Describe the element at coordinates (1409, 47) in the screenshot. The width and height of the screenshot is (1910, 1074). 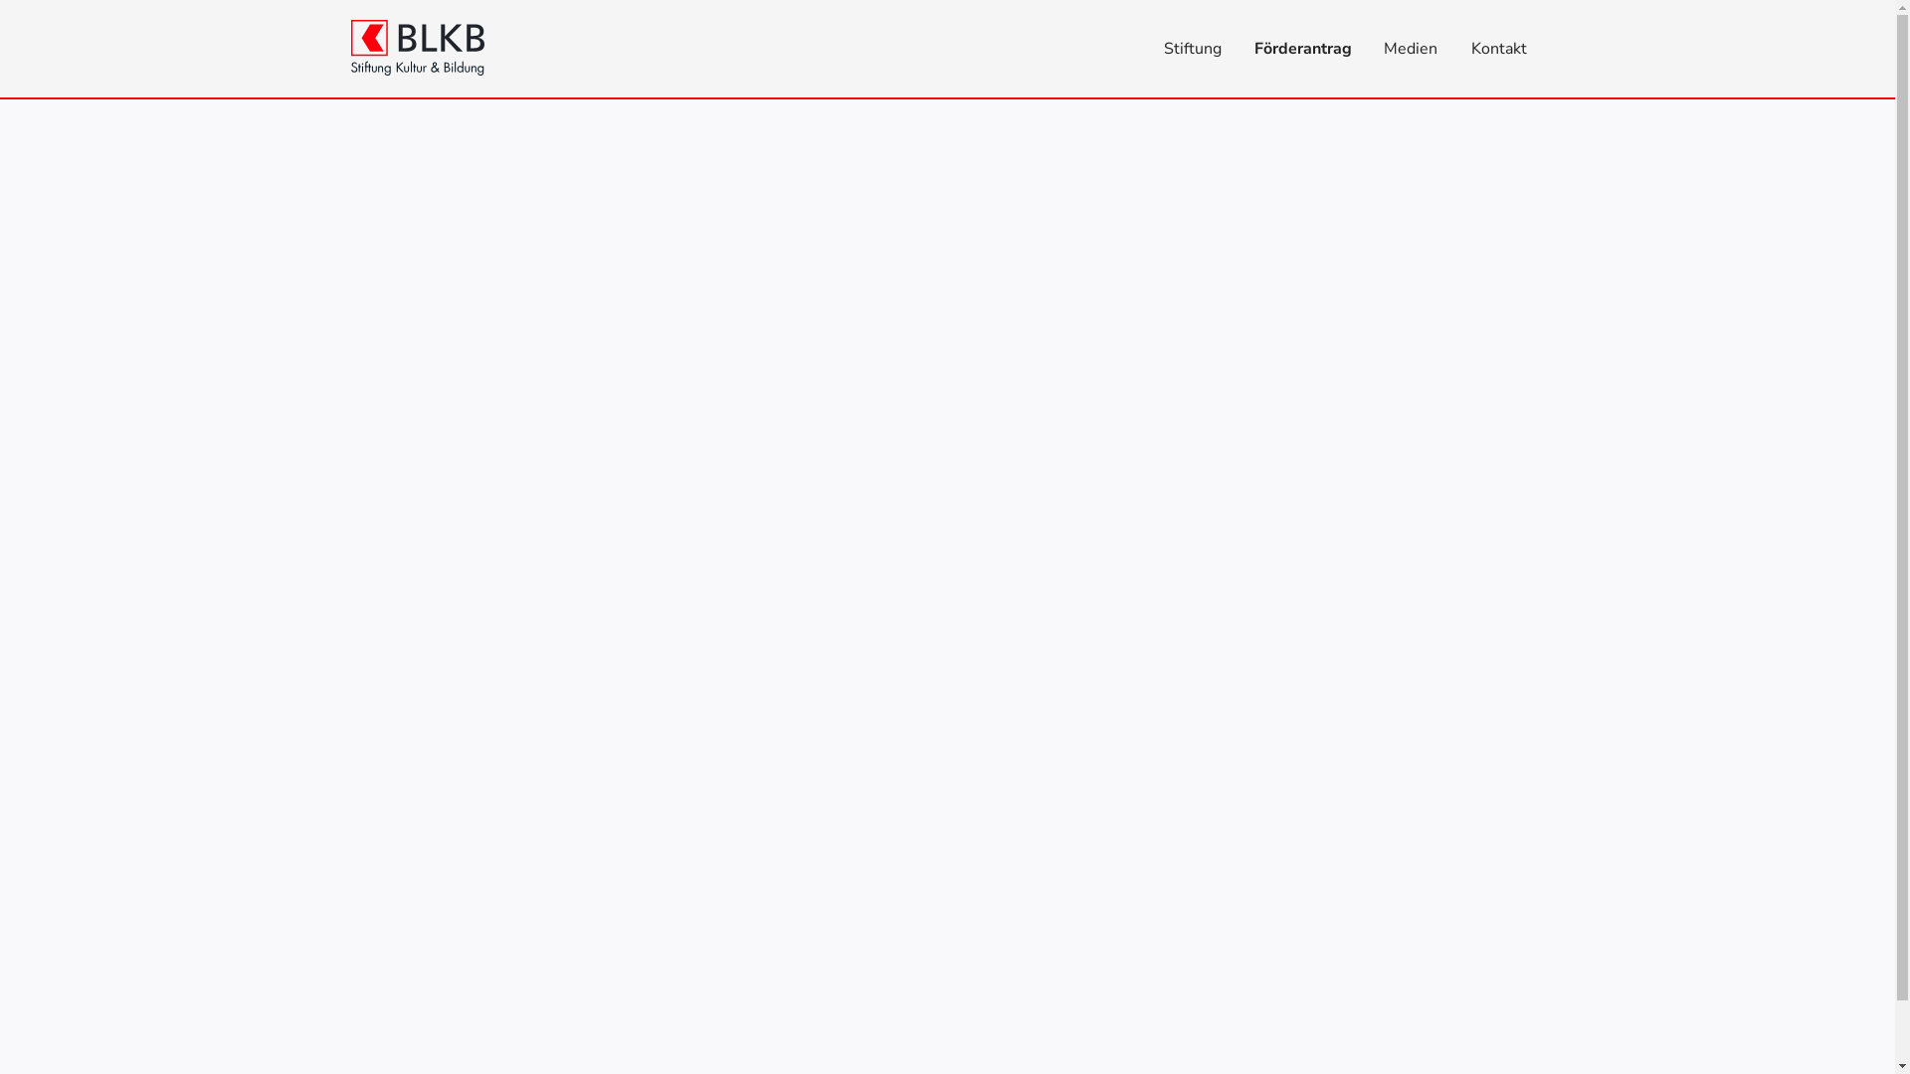
I see `'Medien'` at that location.